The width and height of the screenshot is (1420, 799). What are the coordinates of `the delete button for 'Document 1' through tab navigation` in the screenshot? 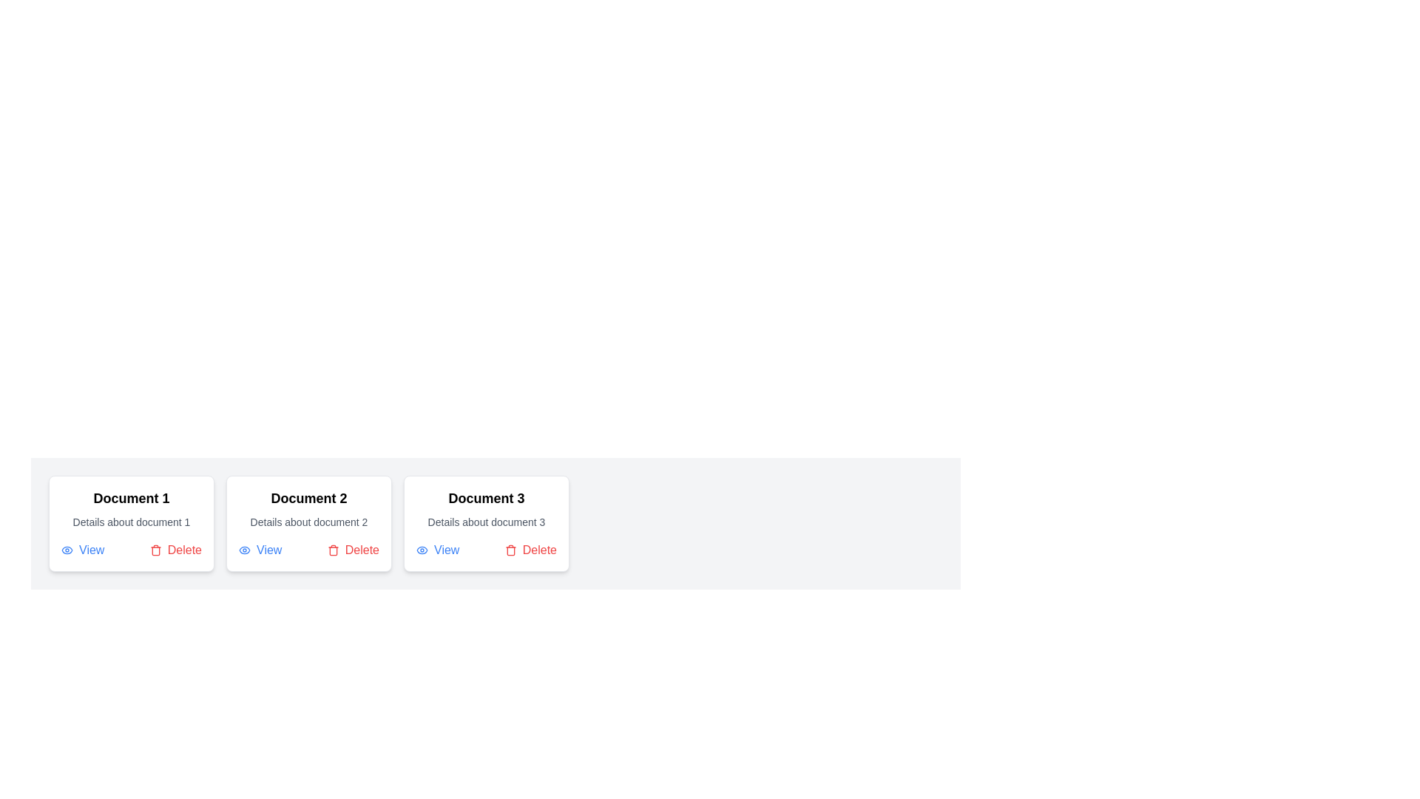 It's located at (175, 550).